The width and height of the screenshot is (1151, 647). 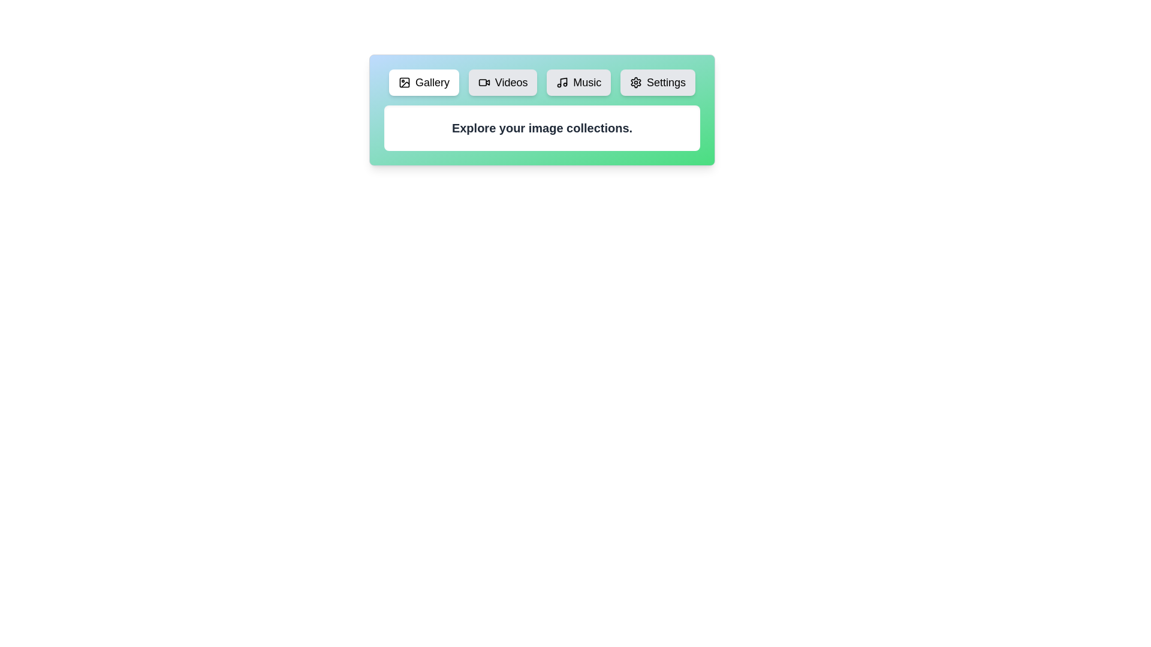 What do you see at coordinates (657, 82) in the screenshot?
I see `the tab labeled Settings to view its content` at bounding box center [657, 82].